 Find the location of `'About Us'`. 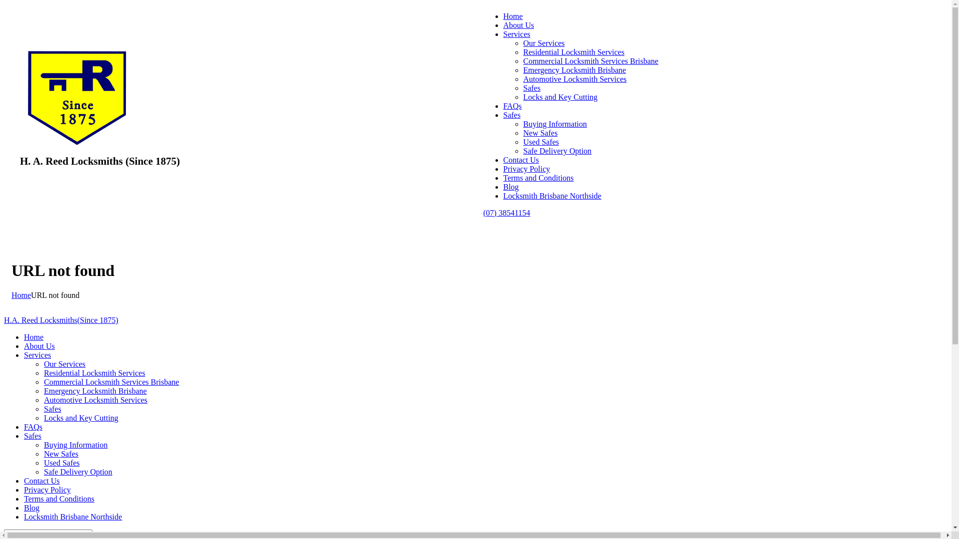

'About Us' is located at coordinates (39, 345).